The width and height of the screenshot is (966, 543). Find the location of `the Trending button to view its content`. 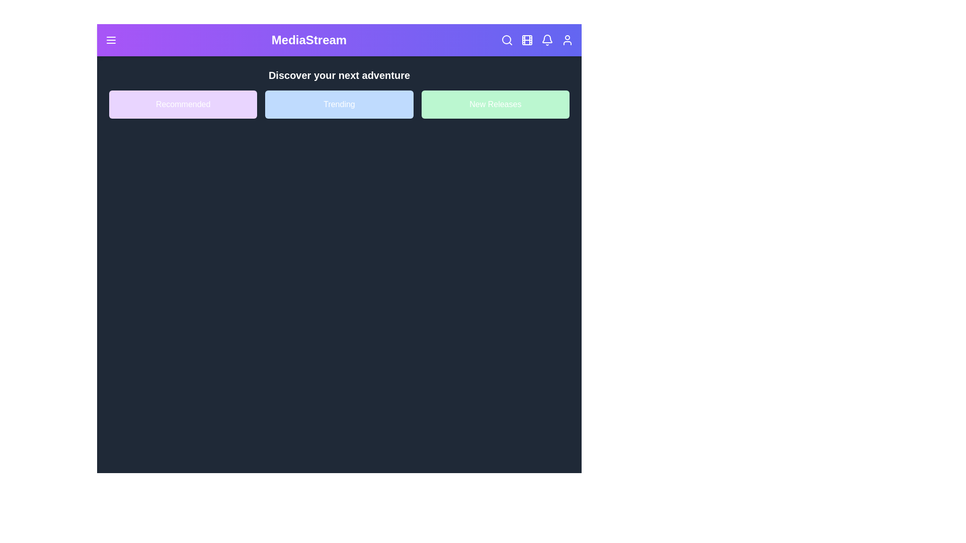

the Trending button to view its content is located at coordinates (339, 105).